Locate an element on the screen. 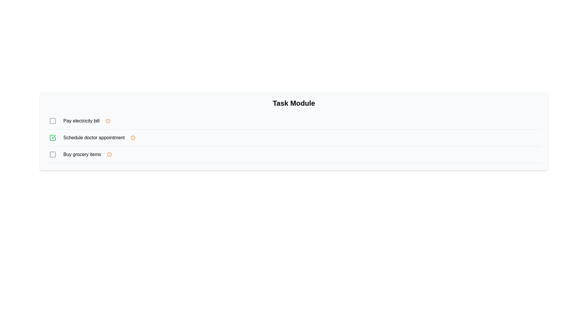 The height and width of the screenshot is (318, 566). the text label that serves as the title for the task item, located in the third row of the task list, positioned between a checkbox and an alert icon is located at coordinates (82, 154).